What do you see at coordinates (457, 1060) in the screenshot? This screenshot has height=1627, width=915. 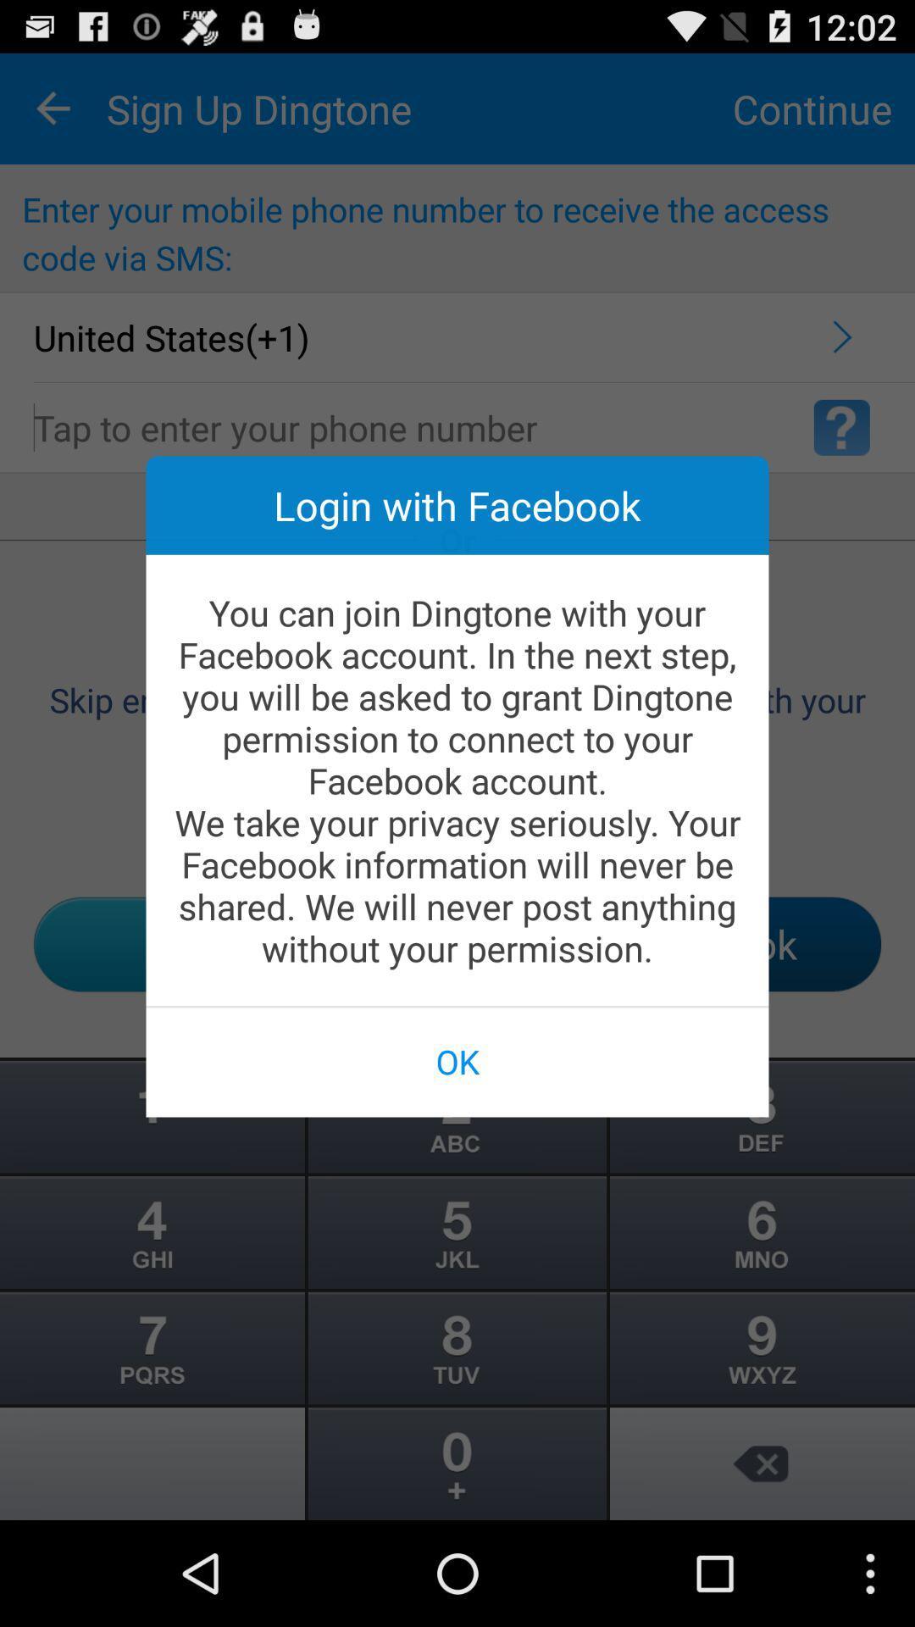 I see `the ok` at bounding box center [457, 1060].